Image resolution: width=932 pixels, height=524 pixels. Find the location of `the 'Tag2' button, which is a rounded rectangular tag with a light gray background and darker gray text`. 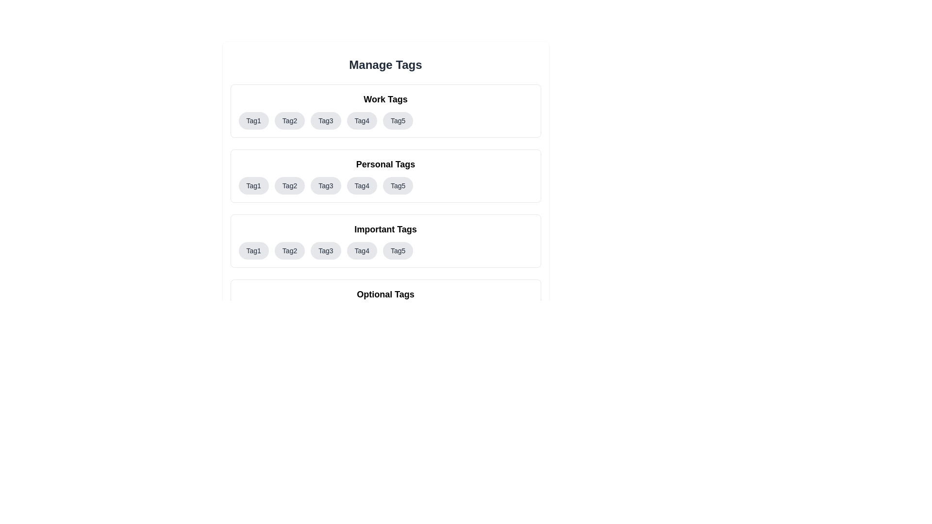

the 'Tag2' button, which is a rounded rectangular tag with a light gray background and darker gray text is located at coordinates (289, 185).